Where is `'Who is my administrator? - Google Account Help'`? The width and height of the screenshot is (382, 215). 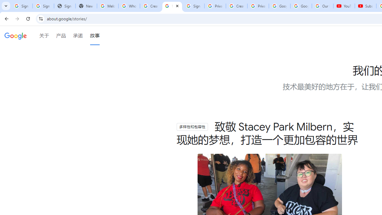 'Who is my administrator? - Google Account Help' is located at coordinates (129, 6).